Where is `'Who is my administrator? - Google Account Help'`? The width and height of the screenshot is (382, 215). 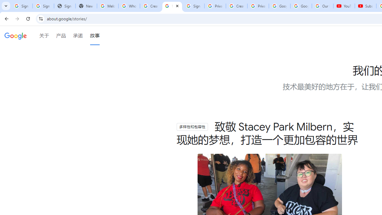 'Who is my administrator? - Google Account Help' is located at coordinates (129, 6).